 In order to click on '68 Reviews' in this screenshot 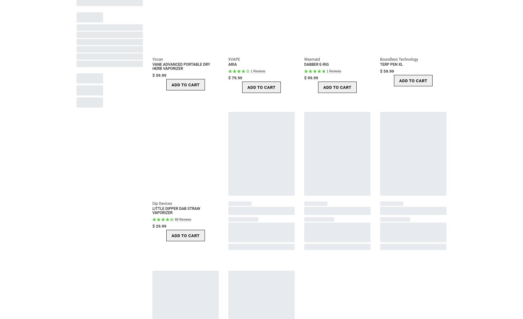, I will do `click(183, 219)`.